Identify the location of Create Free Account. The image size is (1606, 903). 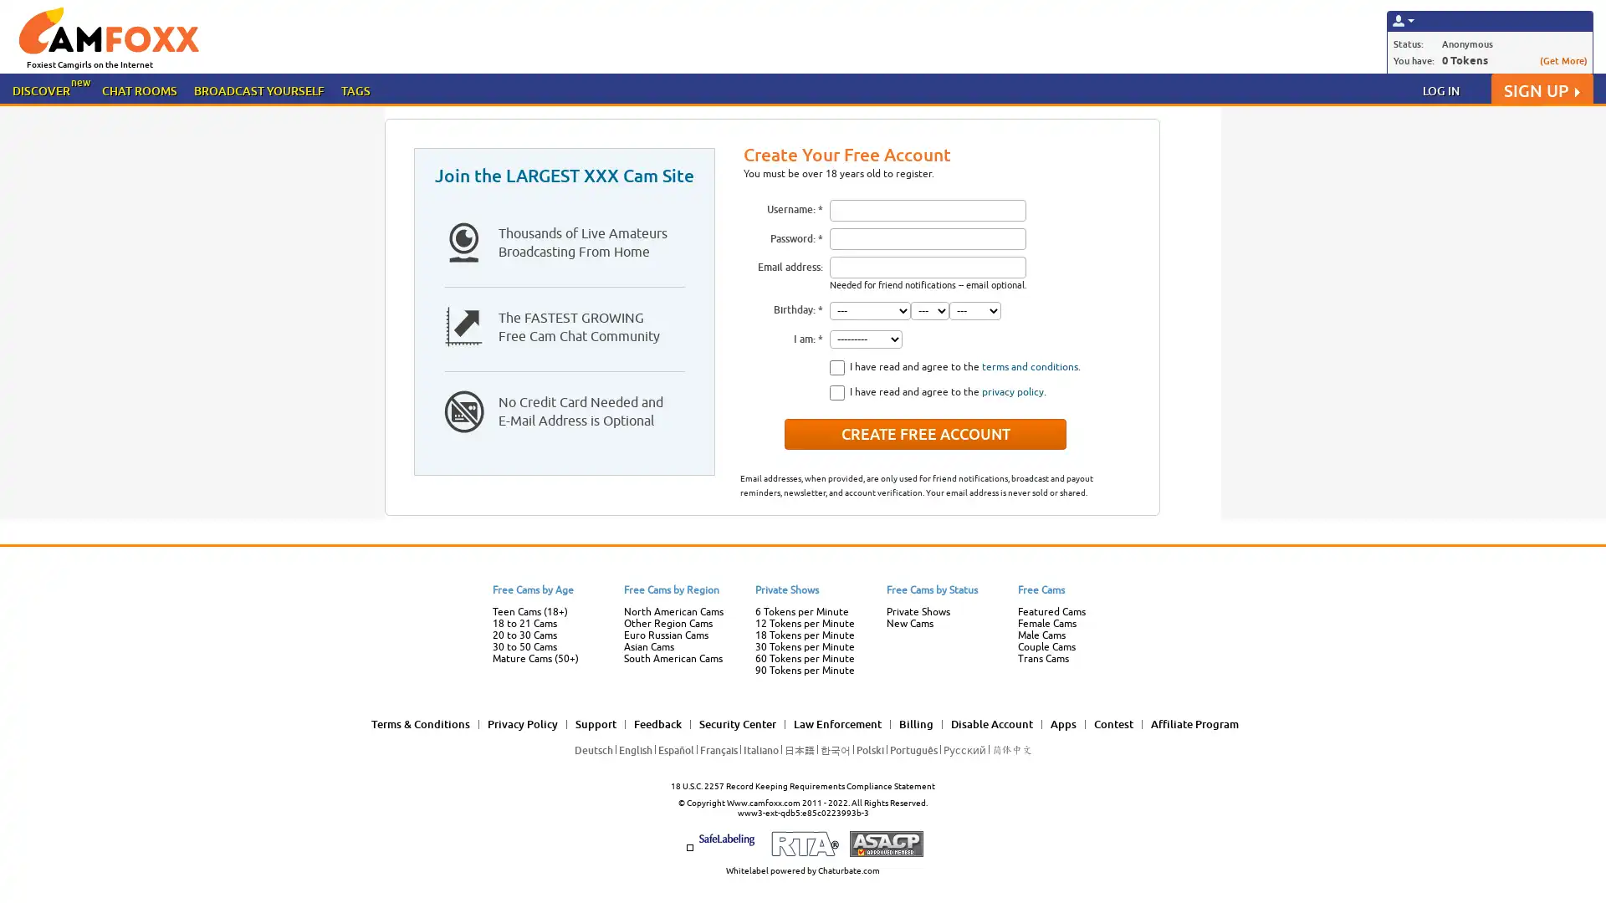
(924, 433).